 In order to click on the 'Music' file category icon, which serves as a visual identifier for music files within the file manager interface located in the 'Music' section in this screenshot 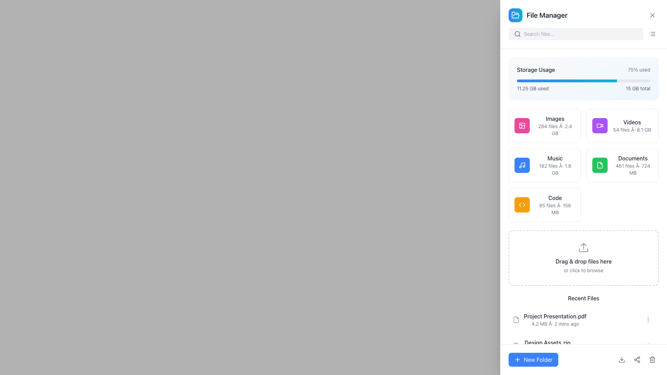, I will do `click(522, 165)`.